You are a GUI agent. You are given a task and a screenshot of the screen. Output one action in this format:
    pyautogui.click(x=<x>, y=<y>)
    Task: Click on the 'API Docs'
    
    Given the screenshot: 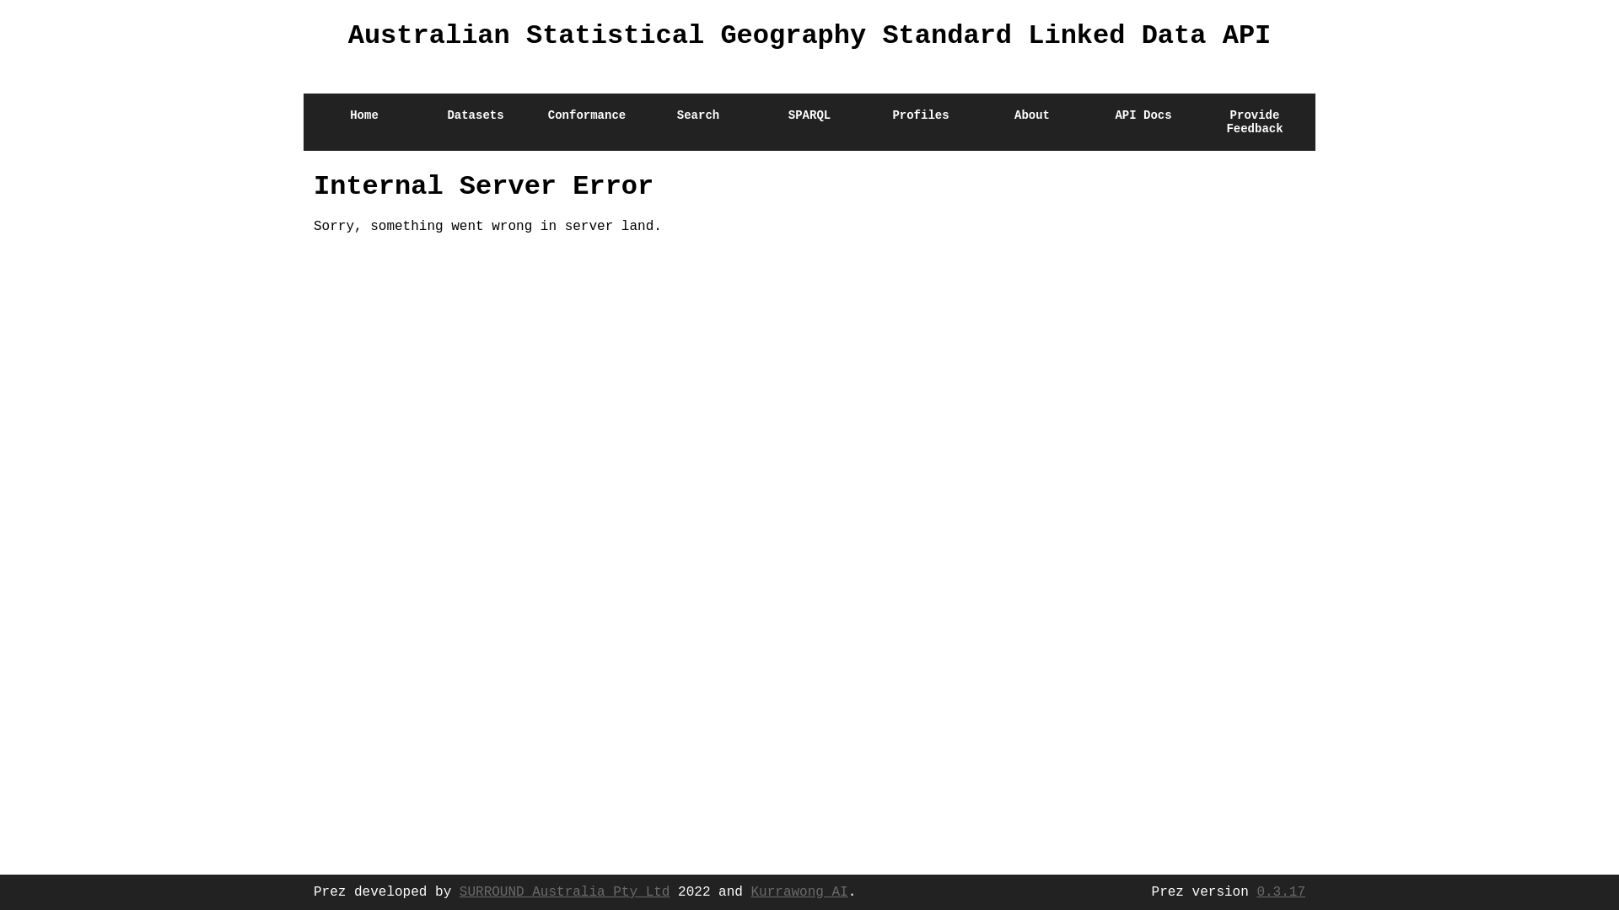 What is the action you would take?
    pyautogui.click(x=1143, y=121)
    